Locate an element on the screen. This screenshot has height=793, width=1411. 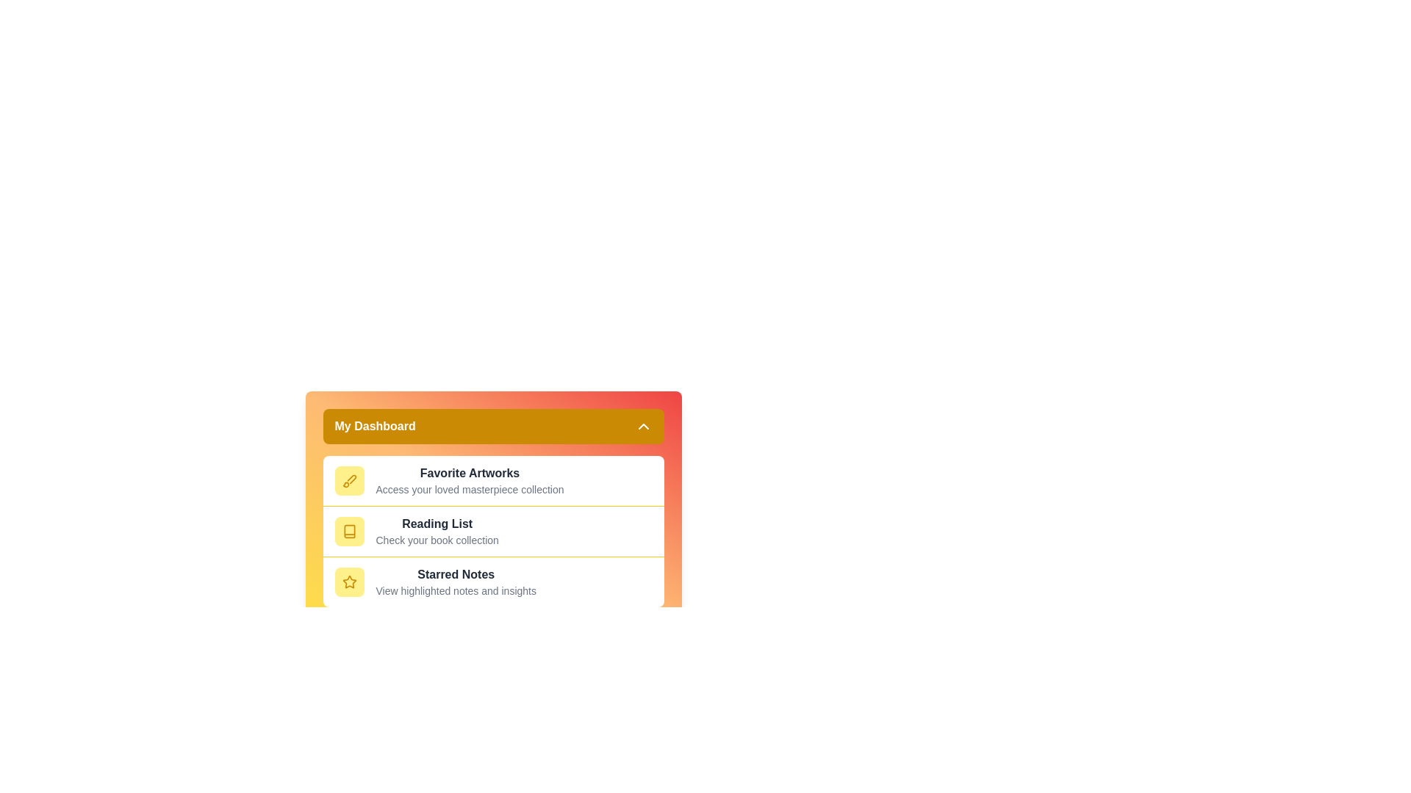
the upward-pointing triangular icon at the far-right corner of the 'My Dashboard' header is located at coordinates (643, 427).